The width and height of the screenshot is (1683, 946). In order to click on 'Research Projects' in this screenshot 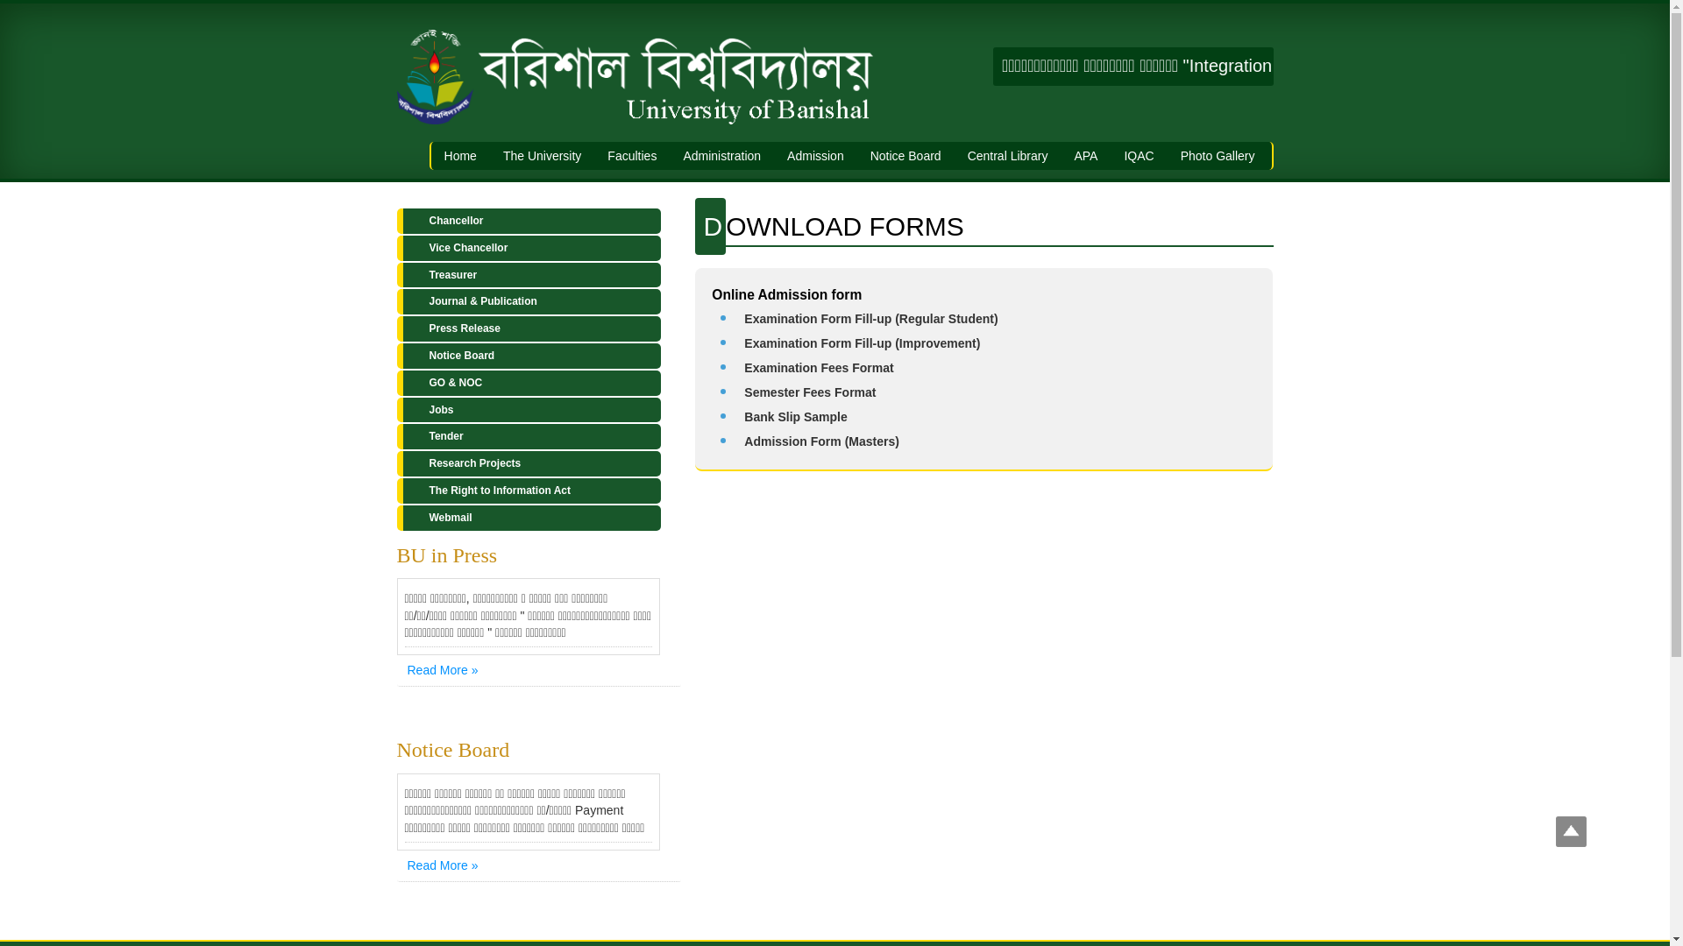, I will do `click(527, 462)`.